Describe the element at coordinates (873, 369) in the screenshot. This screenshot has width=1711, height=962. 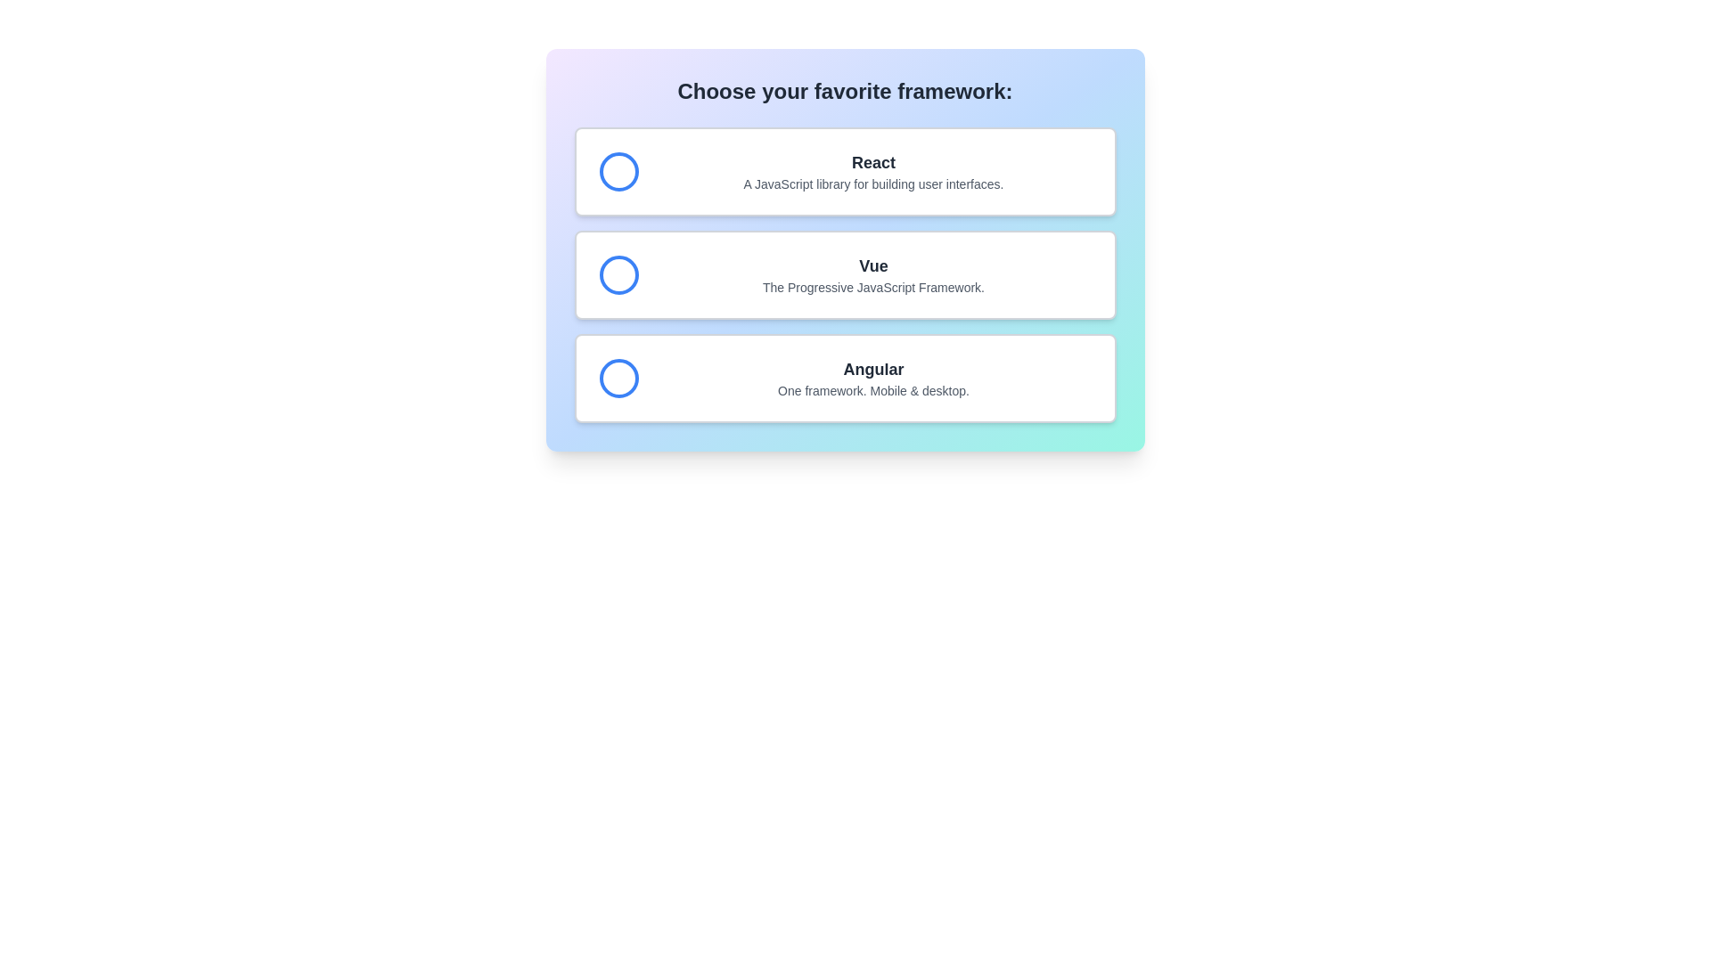
I see `the text element that reads 'Angular', which is styled in bold, larger font, and dark gray color, located at the top of a white card with rounded corners` at that location.